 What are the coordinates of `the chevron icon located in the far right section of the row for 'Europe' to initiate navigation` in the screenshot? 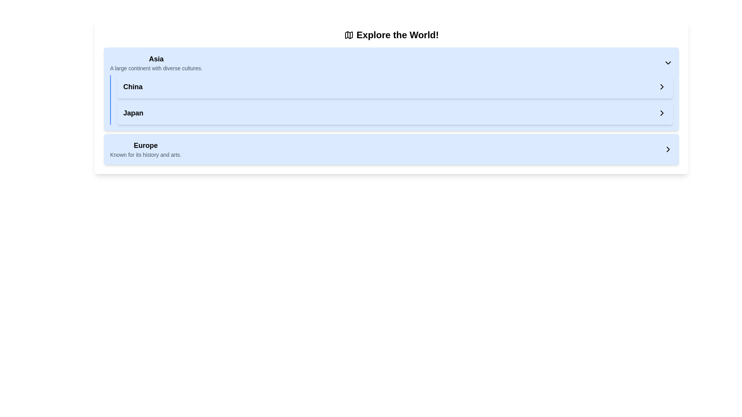 It's located at (667, 149).